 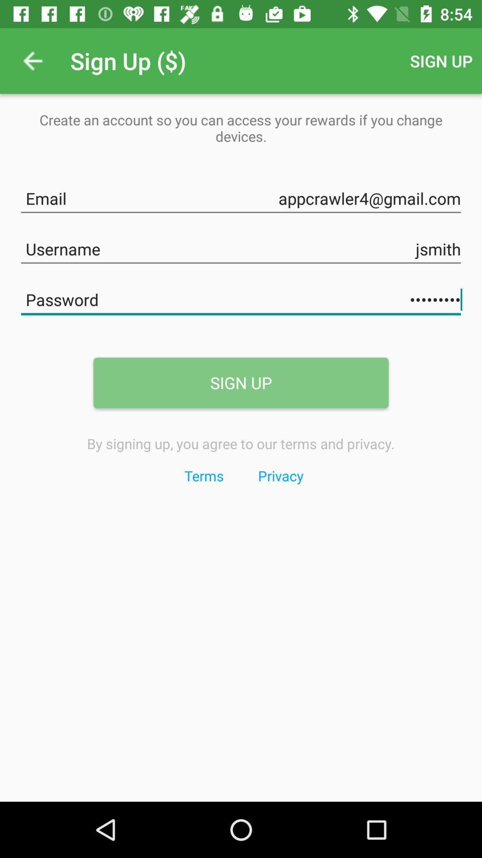 I want to click on the icon below the jsmith icon, so click(x=241, y=298).